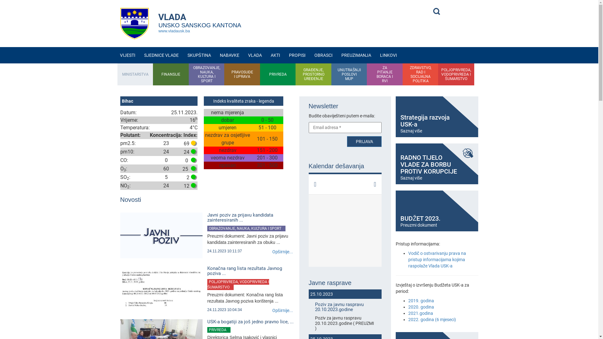  What do you see at coordinates (421, 74) in the screenshot?
I see `'ZDRAVSTVO, RAD I SOCIJALNA POLITIKA'` at bounding box center [421, 74].